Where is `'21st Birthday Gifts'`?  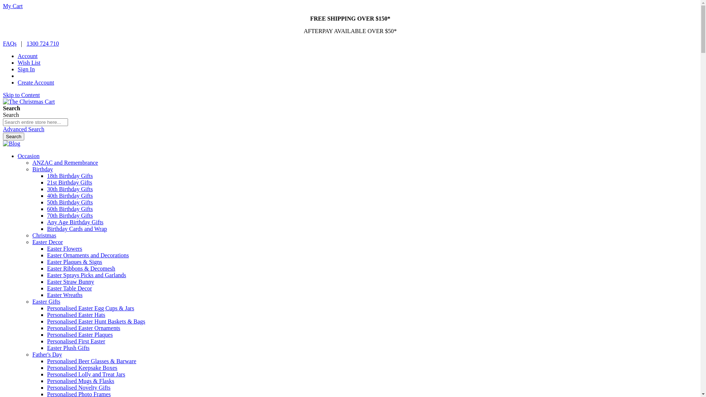
'21st Birthday Gifts' is located at coordinates (69, 182).